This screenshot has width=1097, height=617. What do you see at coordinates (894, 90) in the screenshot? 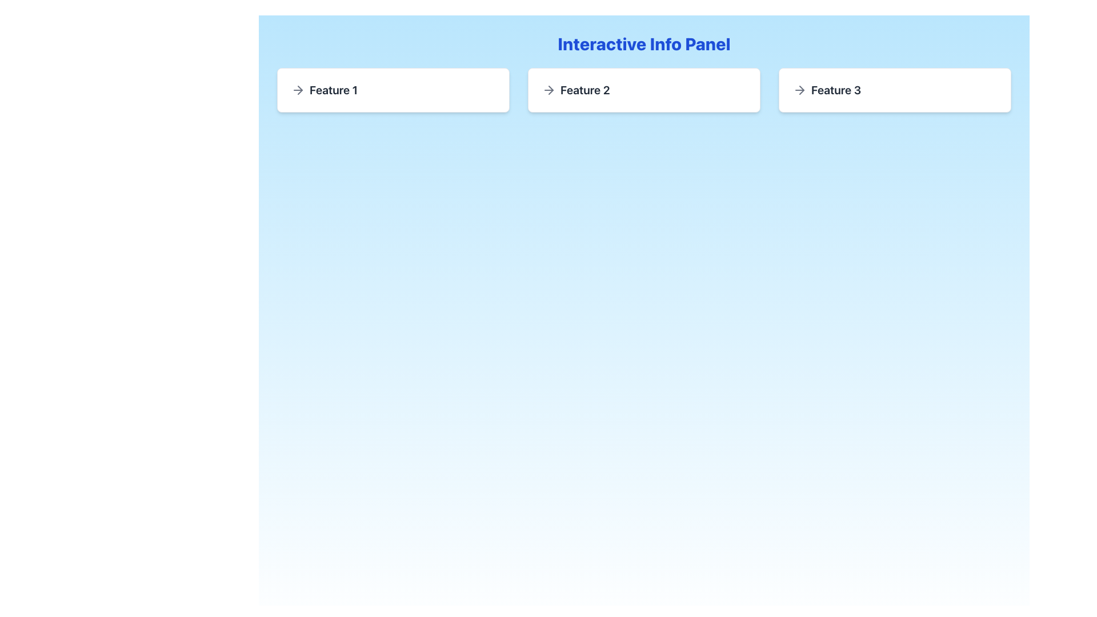
I see `the Card or Button-like Component representing 'Feature 3' located in the third column of a three-column grid layout` at bounding box center [894, 90].